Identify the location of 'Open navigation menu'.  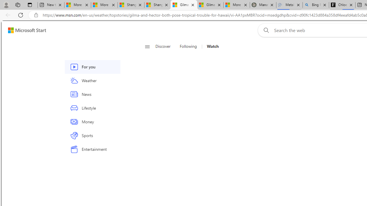
(147, 46).